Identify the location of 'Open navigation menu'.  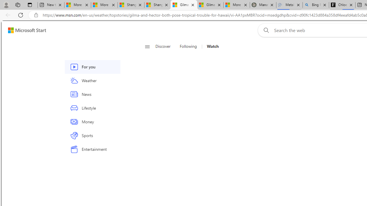
(147, 46).